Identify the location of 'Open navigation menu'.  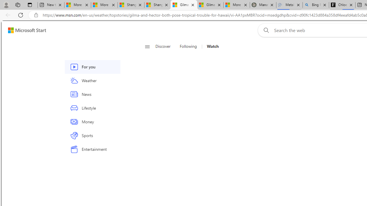
(147, 46).